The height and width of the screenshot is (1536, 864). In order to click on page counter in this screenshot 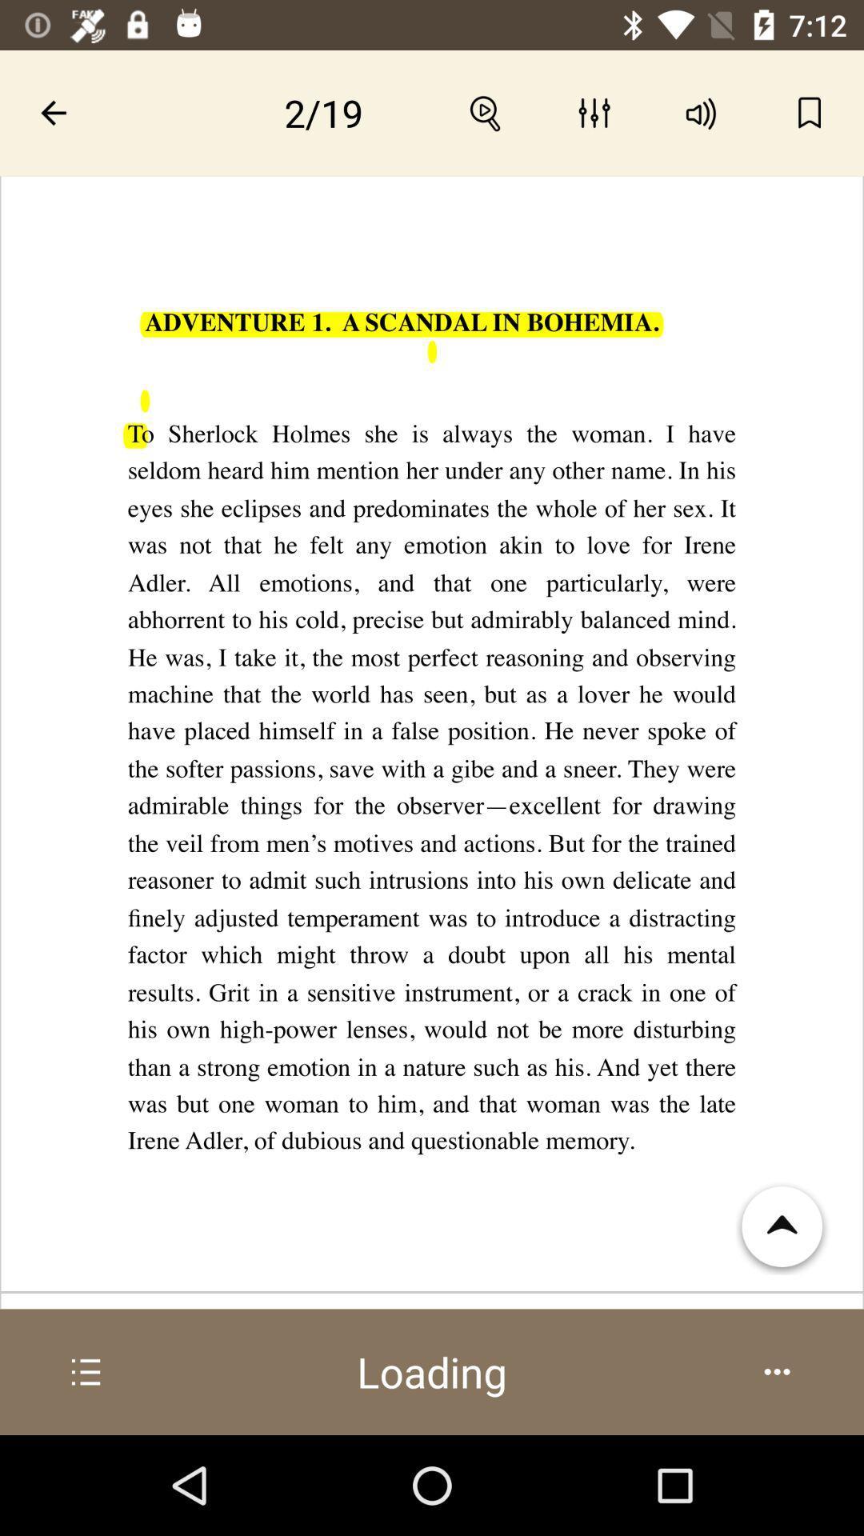, I will do `click(324, 112)`.